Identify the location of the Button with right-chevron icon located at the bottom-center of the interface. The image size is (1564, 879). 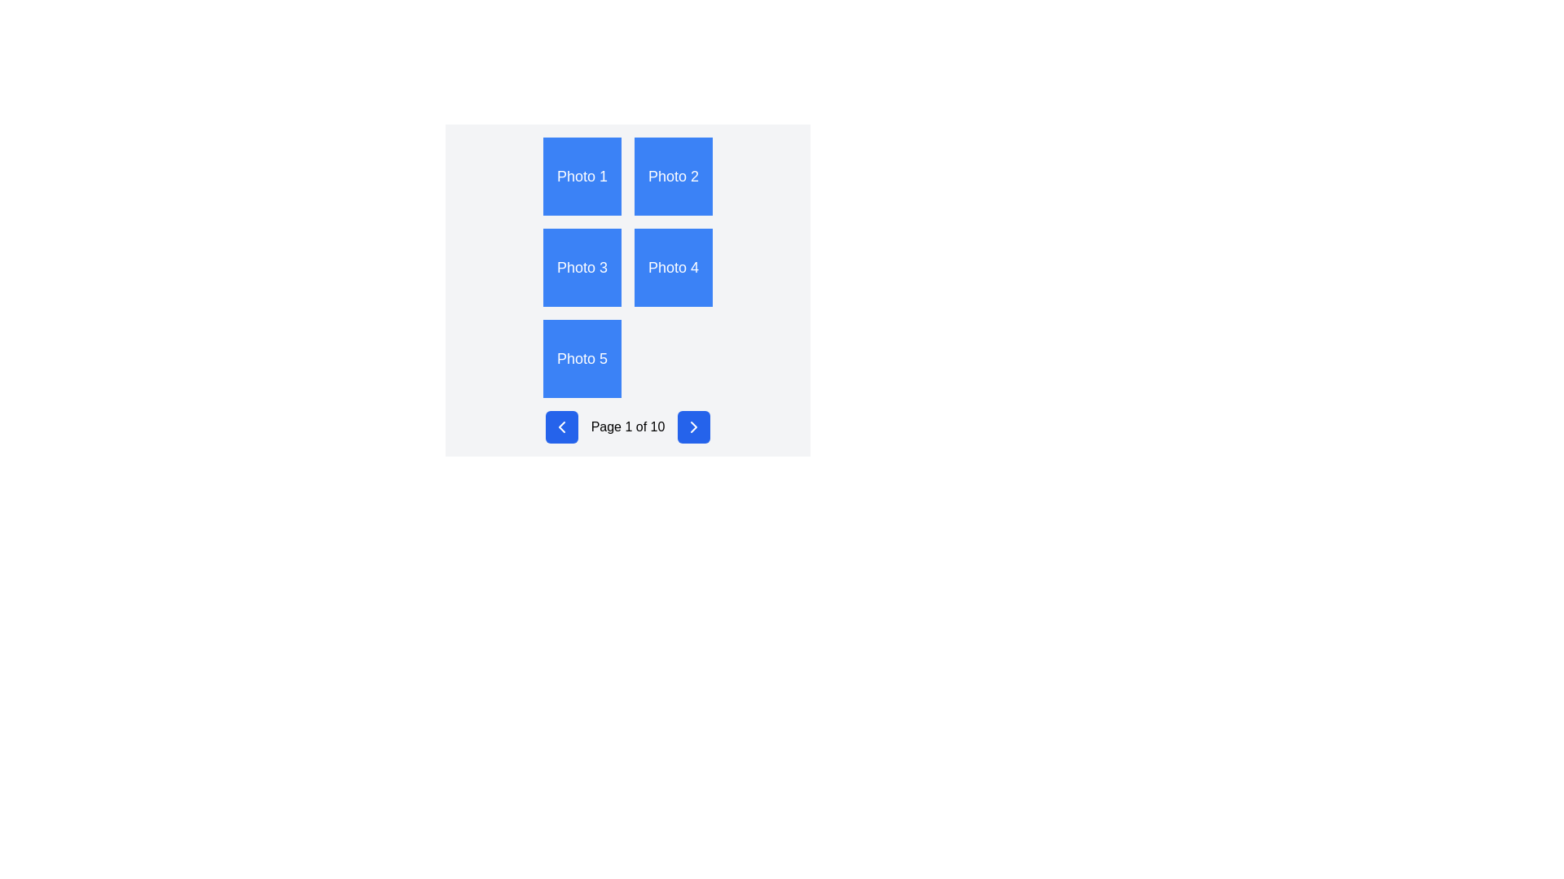
(694, 426).